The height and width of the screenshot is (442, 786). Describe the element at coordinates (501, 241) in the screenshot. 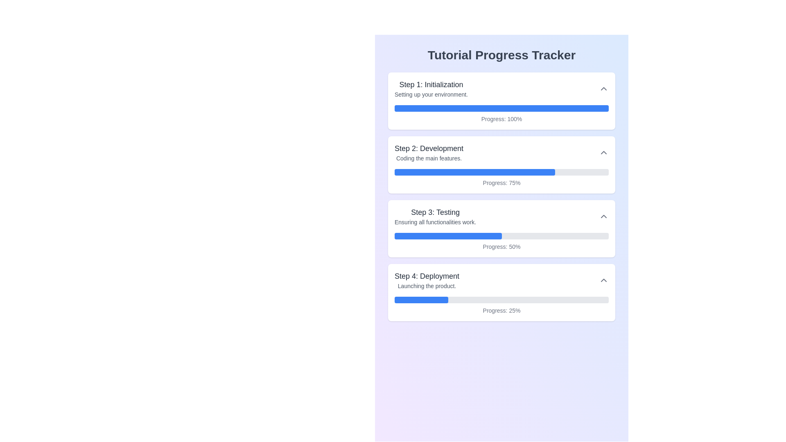

I see `the visual progress indicator, which is a progress bar with a blue section indicating progress, located in the 'Step 3: Testing' section` at that location.